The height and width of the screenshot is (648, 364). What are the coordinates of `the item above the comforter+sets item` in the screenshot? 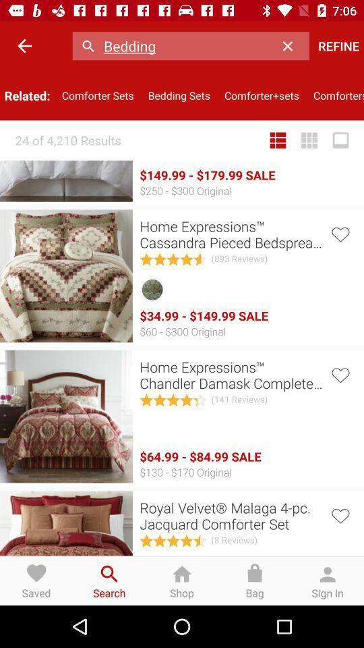 It's located at (291, 46).